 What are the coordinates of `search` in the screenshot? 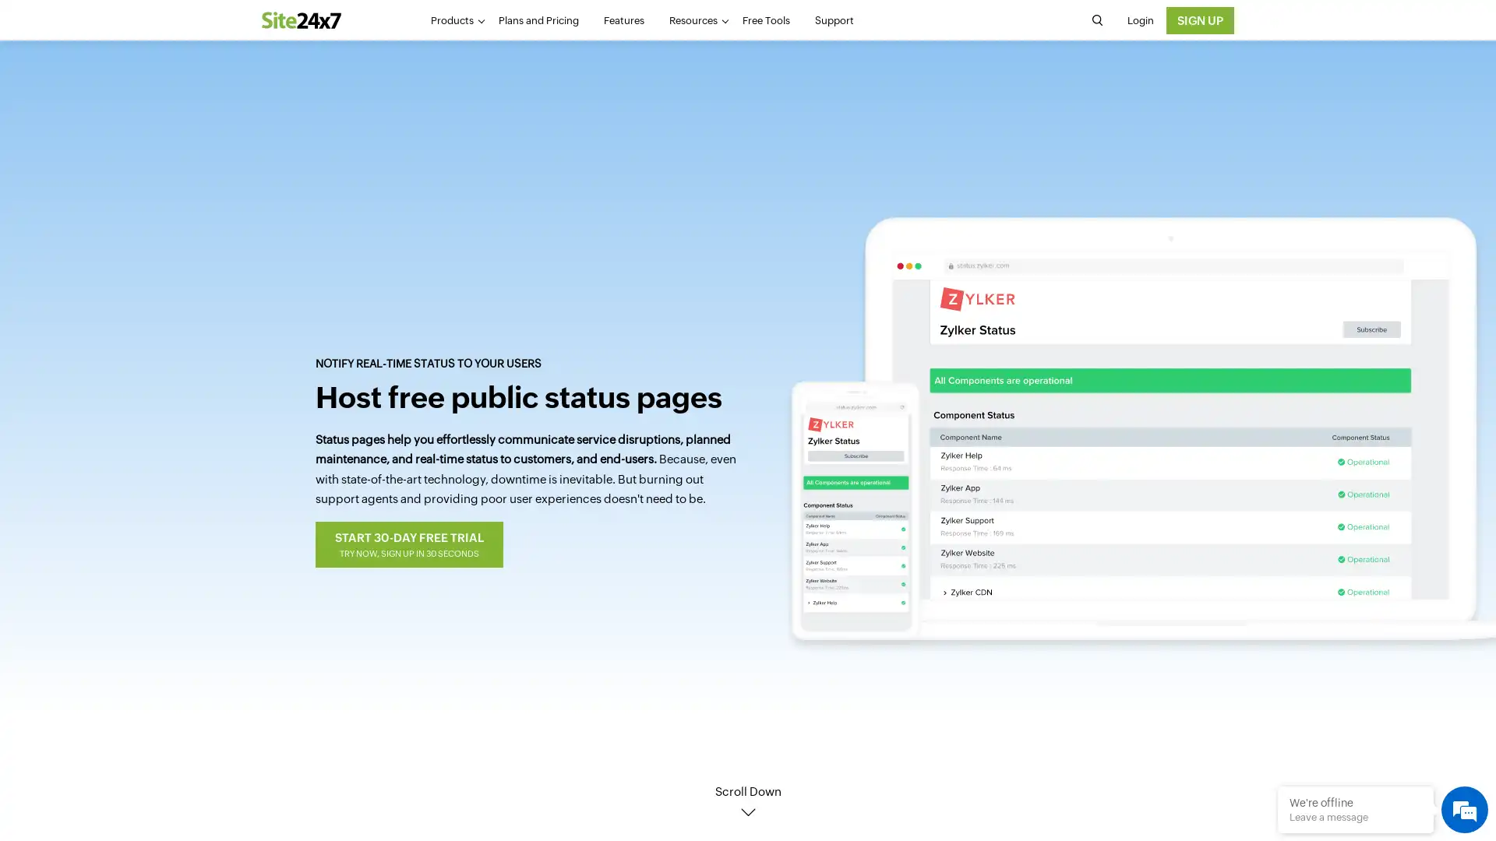 It's located at (1096, 20).